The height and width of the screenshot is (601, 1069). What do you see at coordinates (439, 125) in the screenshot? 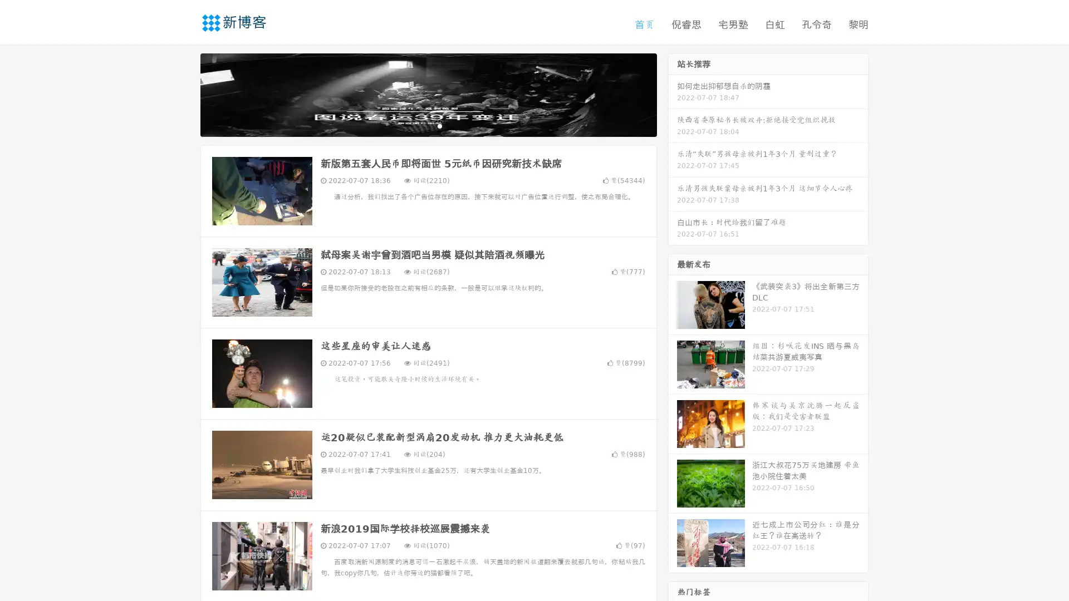
I see `Go to slide 3` at bounding box center [439, 125].